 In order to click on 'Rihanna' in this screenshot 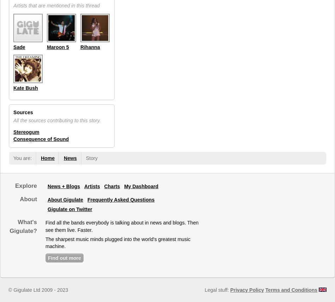, I will do `click(90, 47)`.